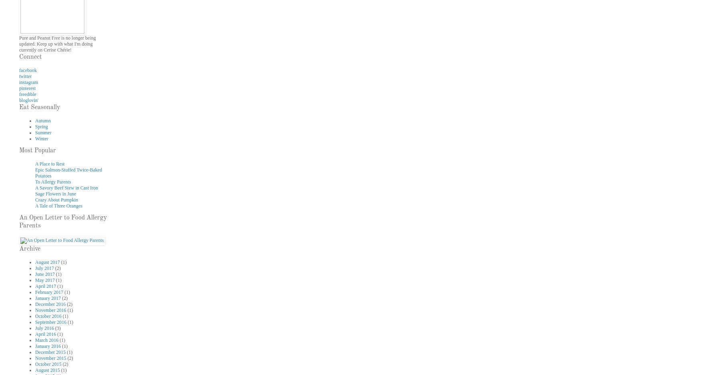 The height and width of the screenshot is (375, 723). I want to click on 'Eat Seasonally', so click(39, 108).